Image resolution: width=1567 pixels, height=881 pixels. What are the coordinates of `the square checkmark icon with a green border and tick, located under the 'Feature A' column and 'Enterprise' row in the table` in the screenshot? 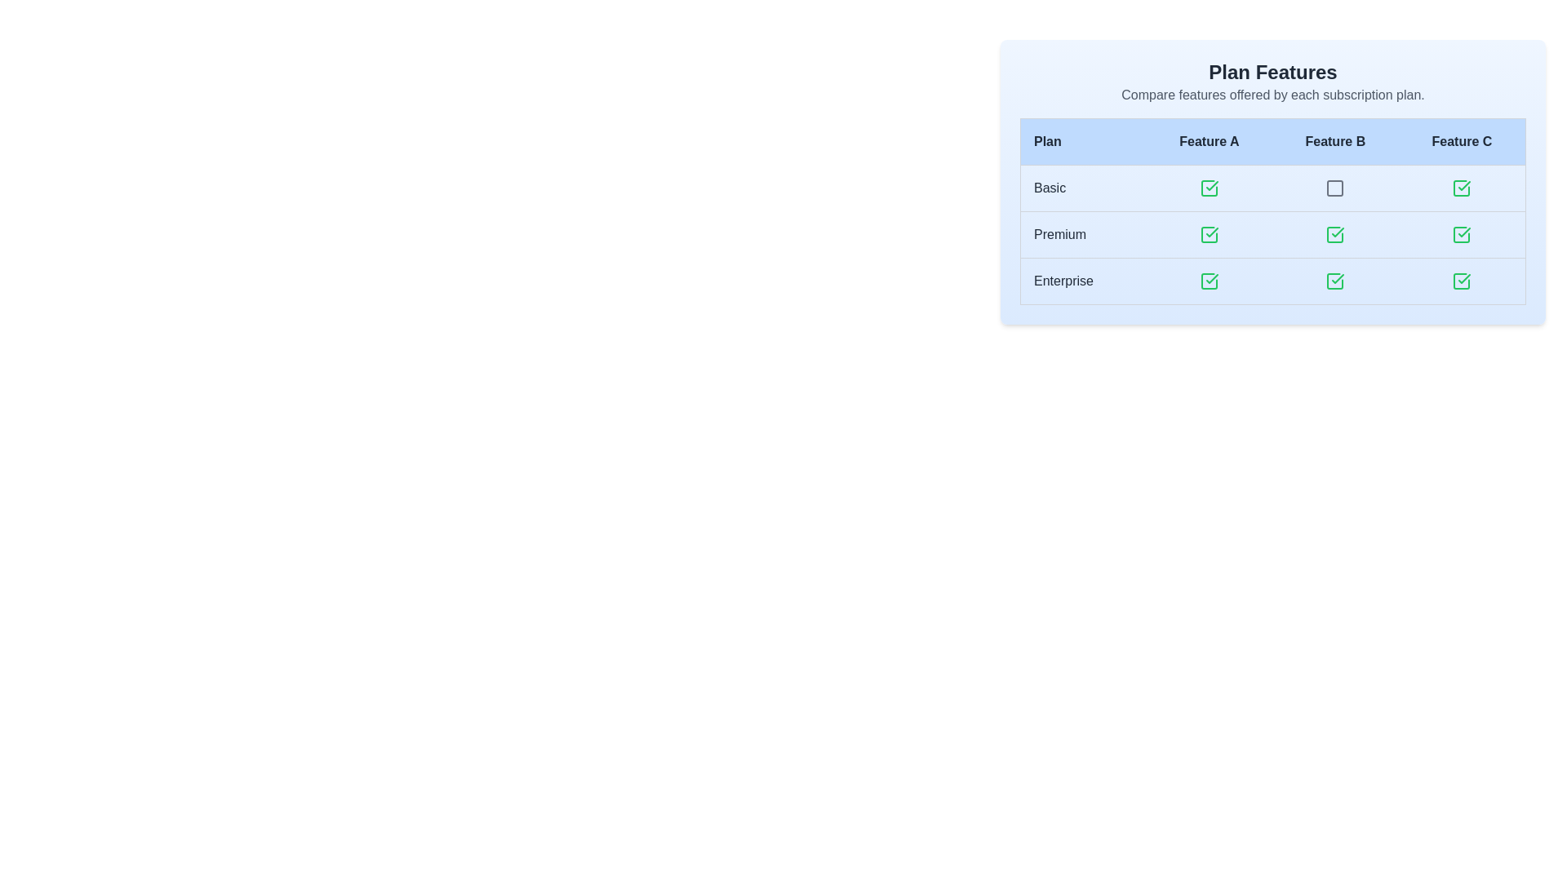 It's located at (1209, 280).